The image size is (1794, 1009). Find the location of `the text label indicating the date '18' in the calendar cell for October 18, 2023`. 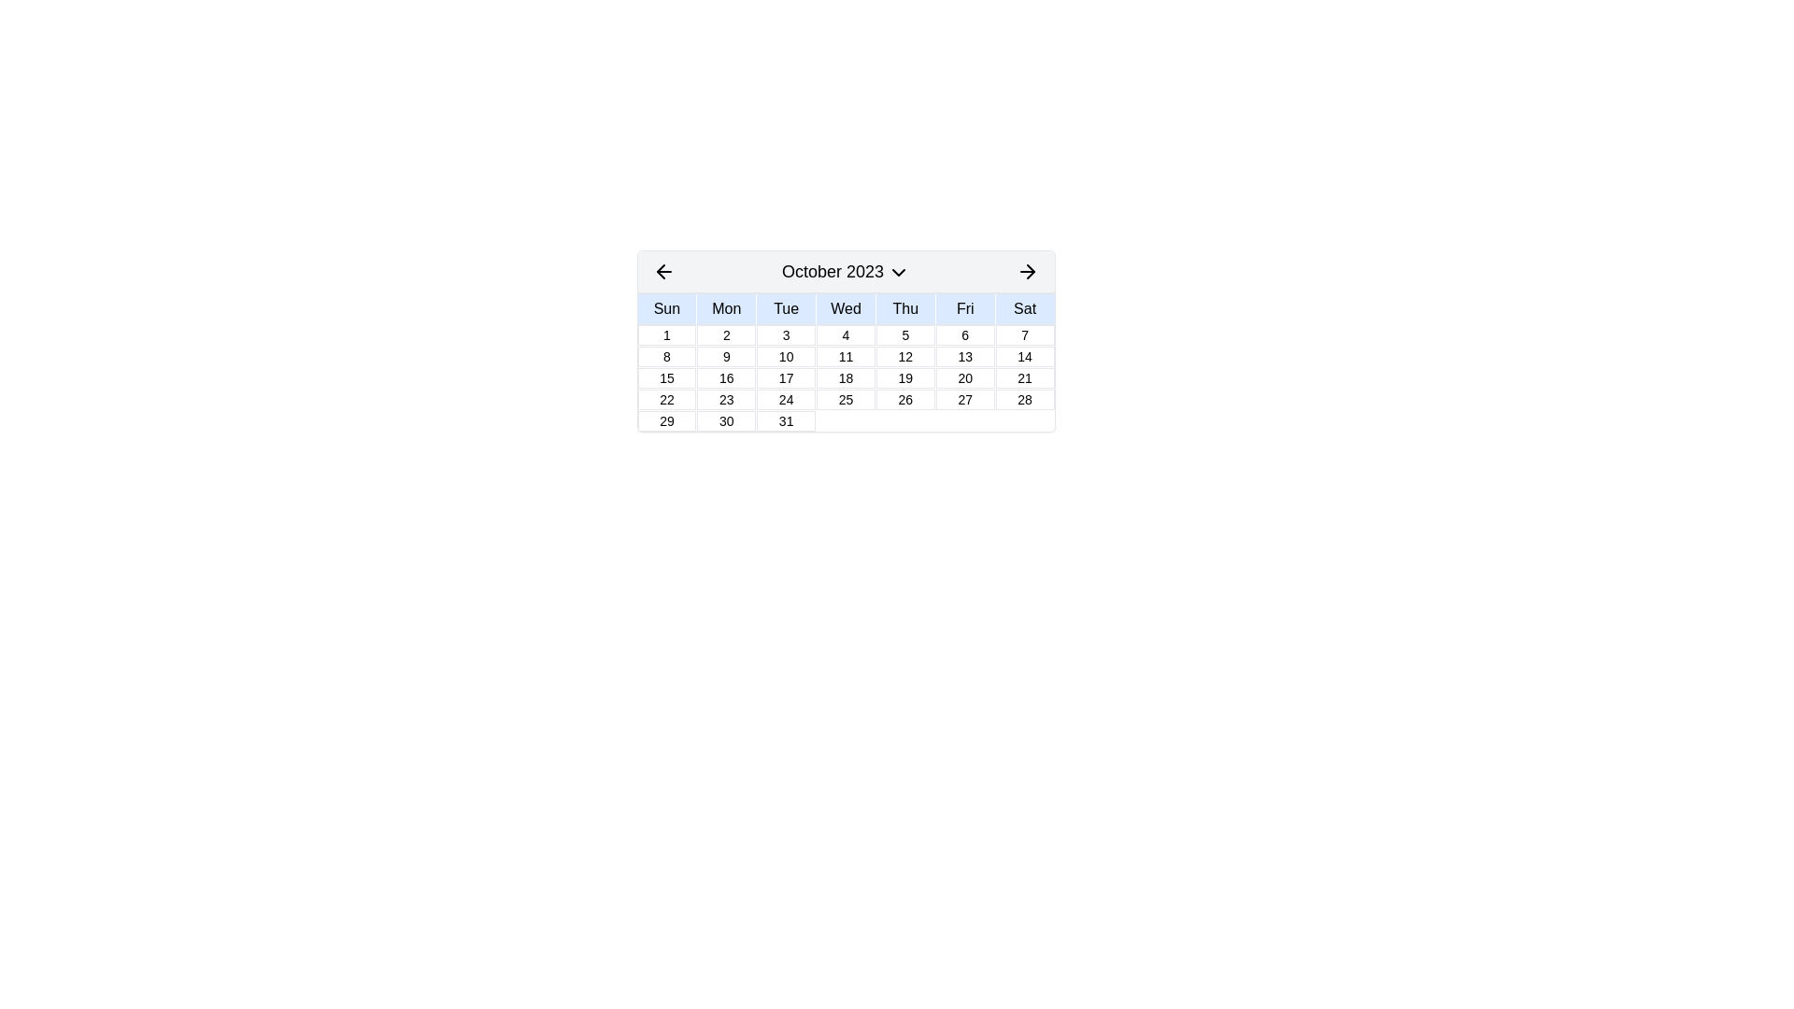

the text label indicating the date '18' in the calendar cell for October 18, 2023 is located at coordinates (845, 378).